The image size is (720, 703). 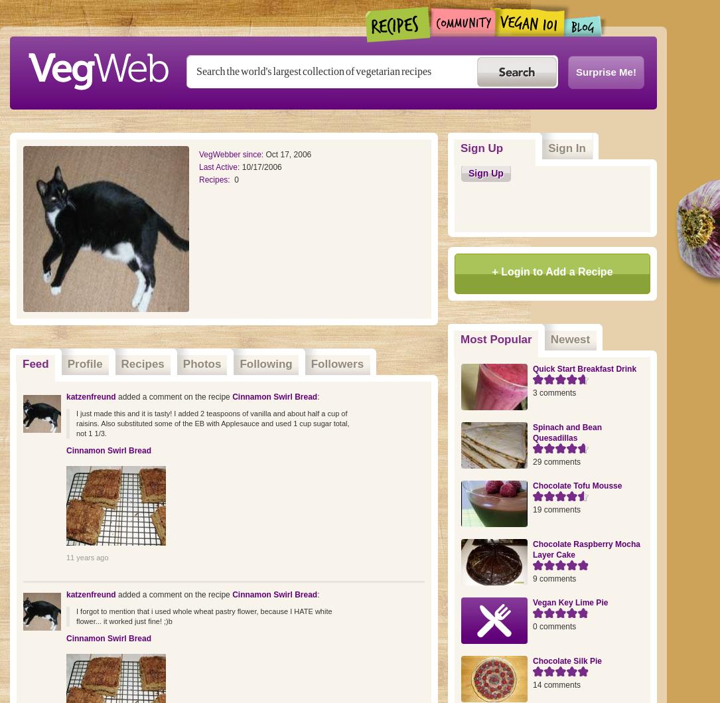 What do you see at coordinates (495, 339) in the screenshot?
I see `'Most Popular'` at bounding box center [495, 339].